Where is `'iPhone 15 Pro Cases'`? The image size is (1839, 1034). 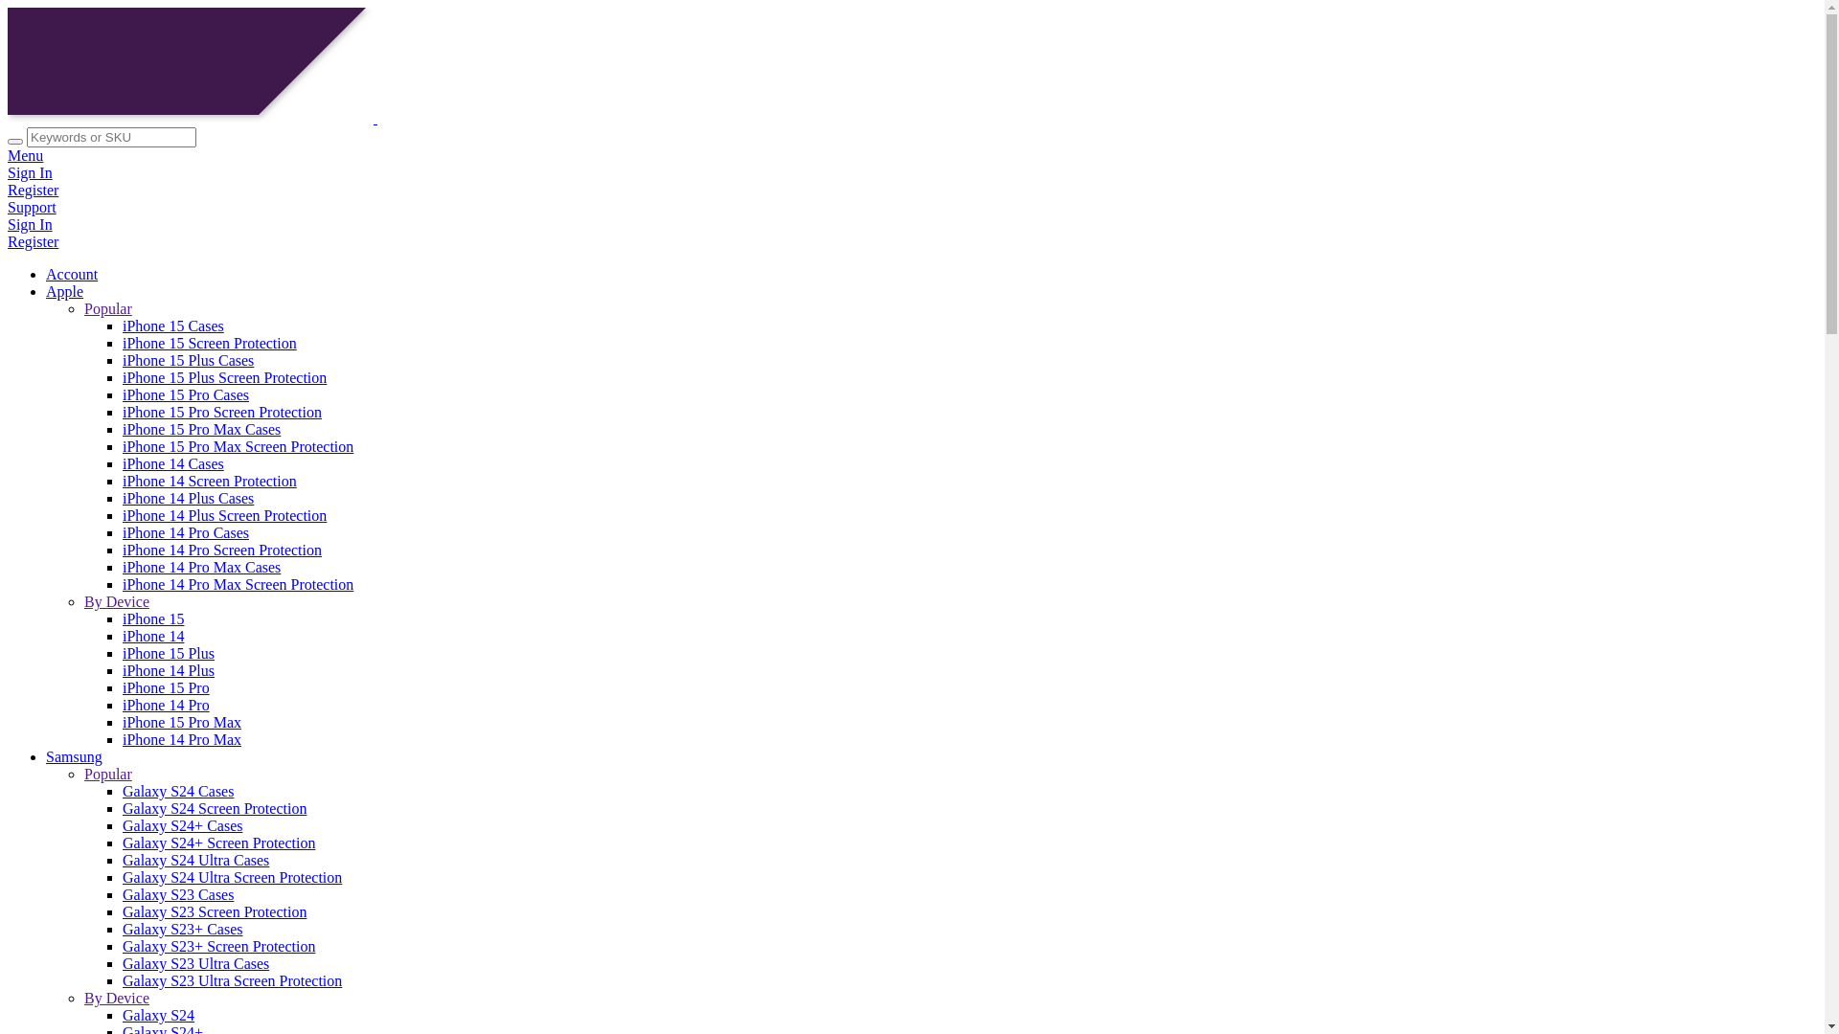
'iPhone 15 Pro Cases' is located at coordinates (185, 393).